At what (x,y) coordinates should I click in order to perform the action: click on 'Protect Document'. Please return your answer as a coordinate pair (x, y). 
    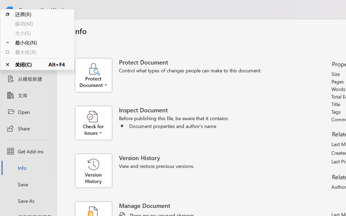
    Looking at the image, I should click on (97, 75).